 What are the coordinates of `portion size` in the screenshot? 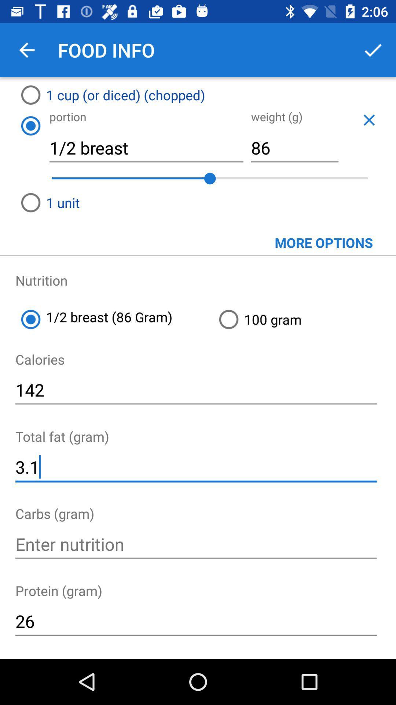 It's located at (30, 126).